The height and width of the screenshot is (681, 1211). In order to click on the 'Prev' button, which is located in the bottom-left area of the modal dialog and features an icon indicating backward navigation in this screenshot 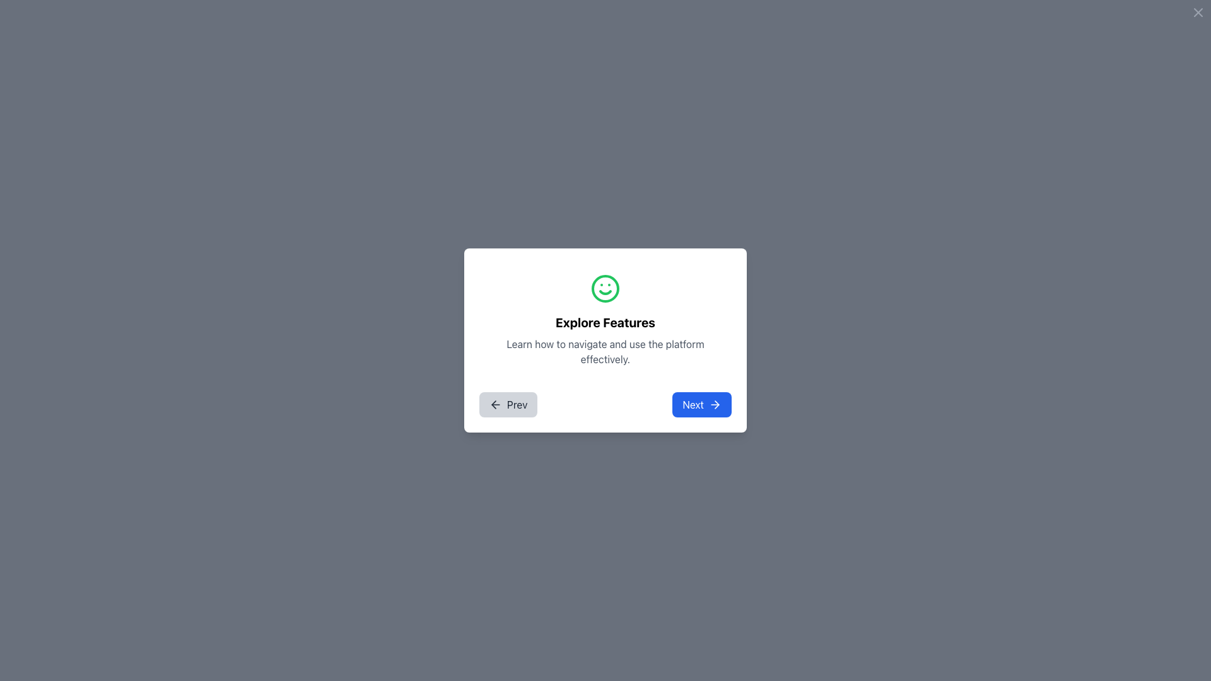, I will do `click(495, 404)`.